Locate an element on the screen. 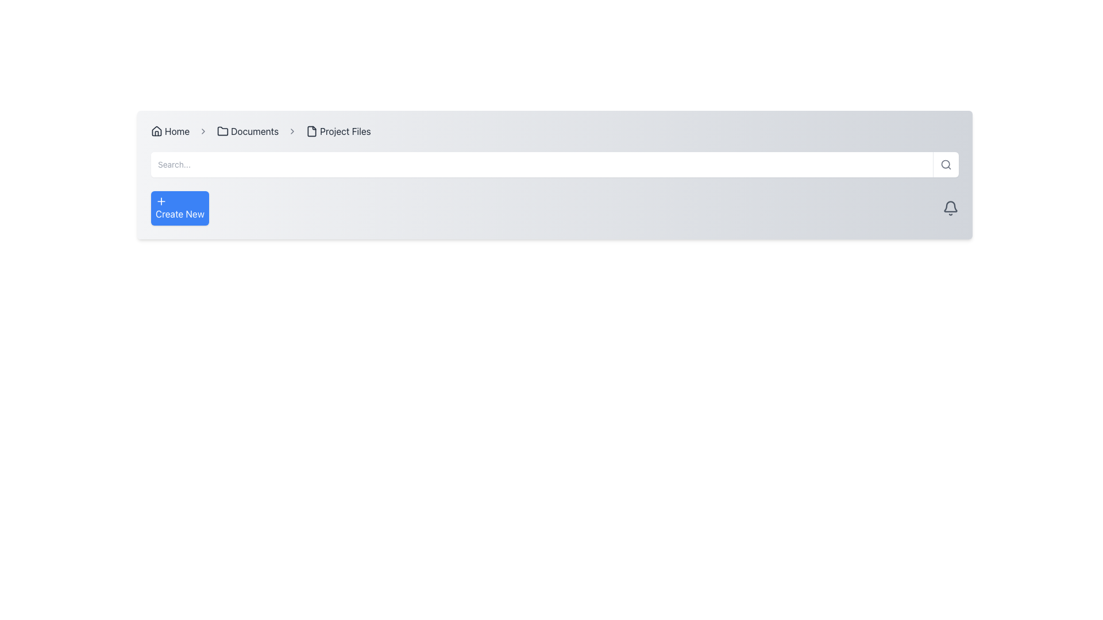 This screenshot has height=620, width=1103. the house-shaped icon in the breadcrumb navigation section, which is located to the left of the 'Home' text label is located at coordinates (156, 130).